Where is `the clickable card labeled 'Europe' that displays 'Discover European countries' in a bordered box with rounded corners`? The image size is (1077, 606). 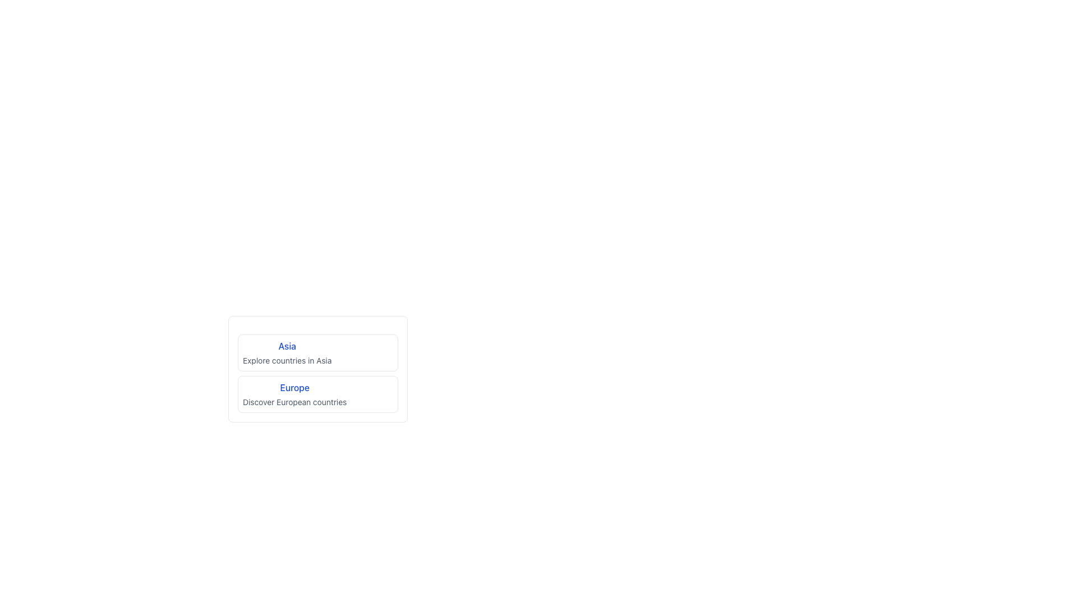 the clickable card labeled 'Europe' that displays 'Discover European countries' in a bordered box with rounded corners is located at coordinates (317, 393).